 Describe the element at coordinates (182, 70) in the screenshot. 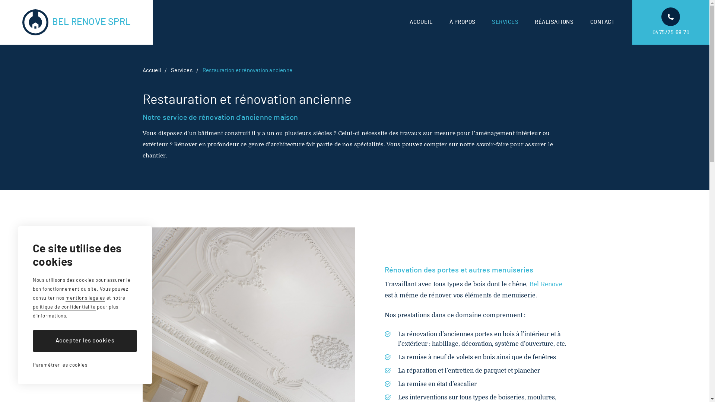

I see `'Services'` at that location.